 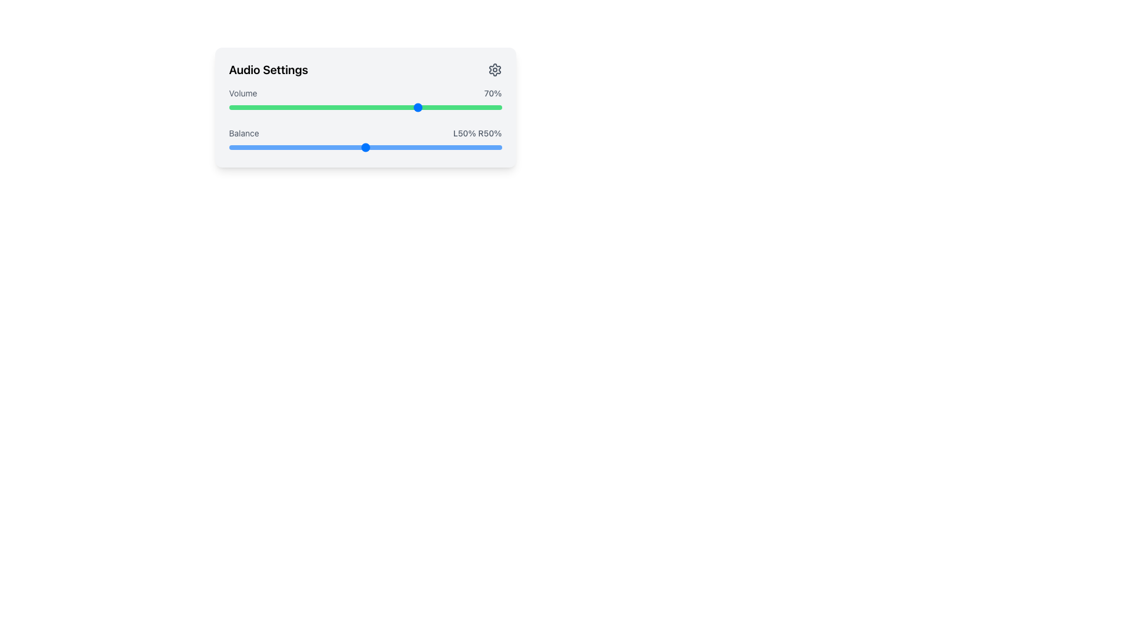 What do you see at coordinates (365, 107) in the screenshot?
I see `the volume slider, which is positioned under the label 'Volume' and currently set at 70%` at bounding box center [365, 107].